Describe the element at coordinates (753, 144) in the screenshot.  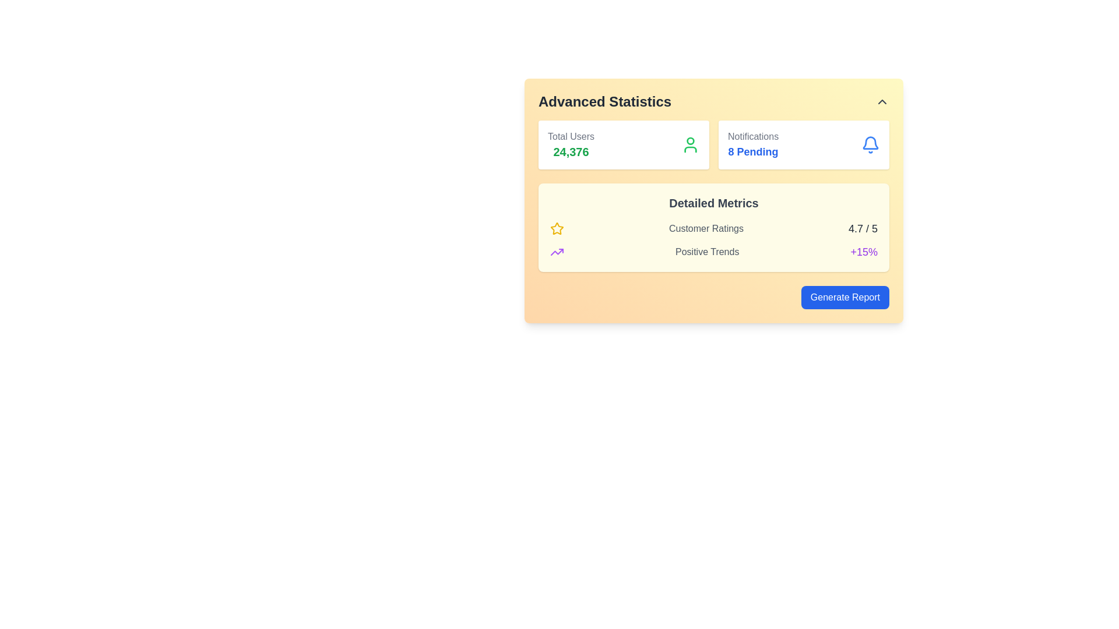
I see `notification count from the Label displaying 'Notifications' with 8 pending items, located in the top-right section of the card, just to the left of the blue bell icon` at that location.